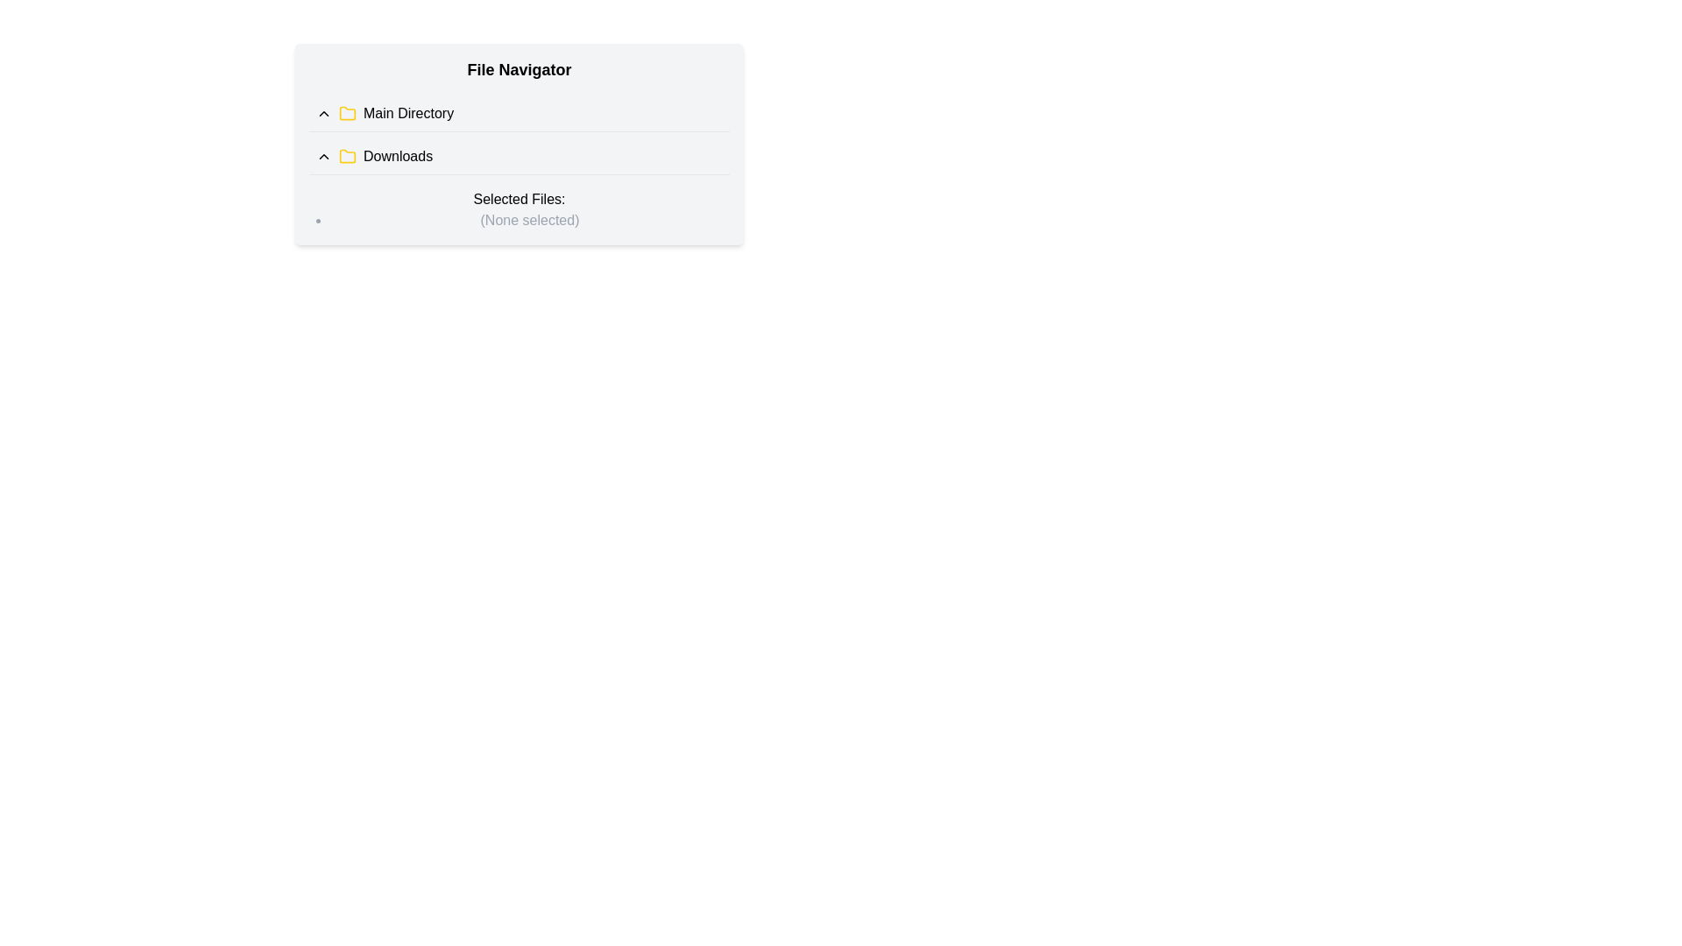 This screenshot has height=946, width=1682. Describe the element at coordinates (407, 114) in the screenshot. I see `the 'Main Directory' text label in the file navigation system, which identifies the folder and is positioned to the right of the folder icon` at that location.